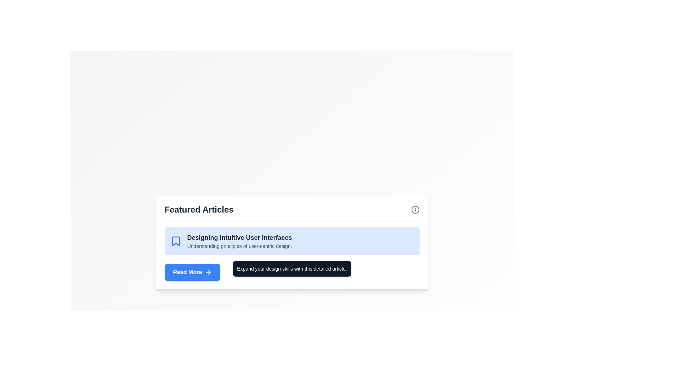 The height and width of the screenshot is (382, 680). I want to click on the navigation icon located inside the 'Read More' button to the right of its text, which is positioned in the lower-left section of the card under the 'Featured Articles' heading, so click(209, 272).